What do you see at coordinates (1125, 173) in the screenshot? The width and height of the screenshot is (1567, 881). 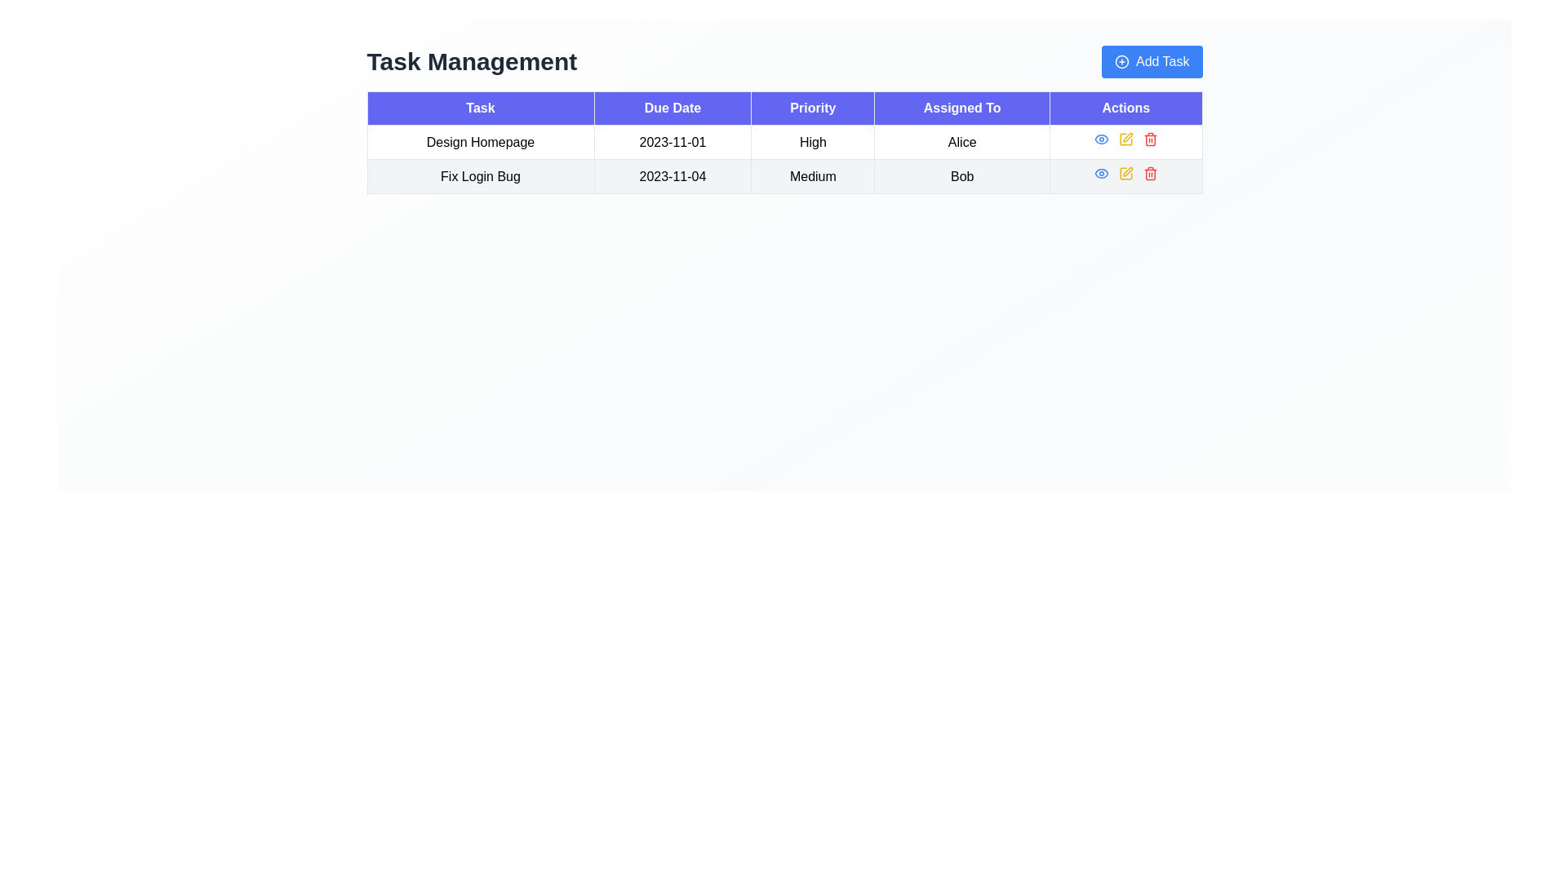 I see `the small yellow pencil icon button in the Actions column of the task management table to observe the hover effect` at bounding box center [1125, 173].